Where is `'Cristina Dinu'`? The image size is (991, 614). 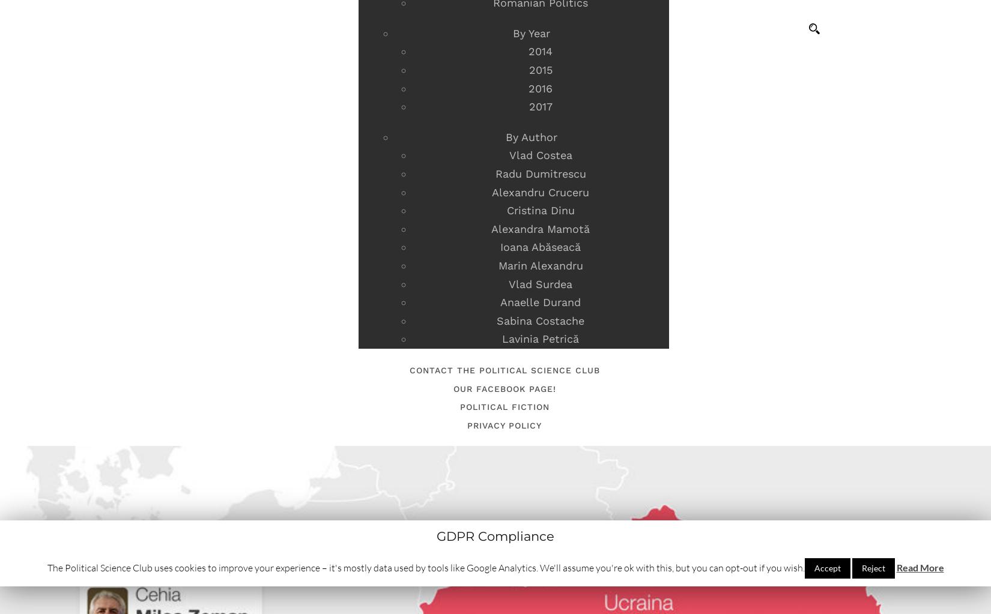 'Cristina Dinu' is located at coordinates (540, 210).